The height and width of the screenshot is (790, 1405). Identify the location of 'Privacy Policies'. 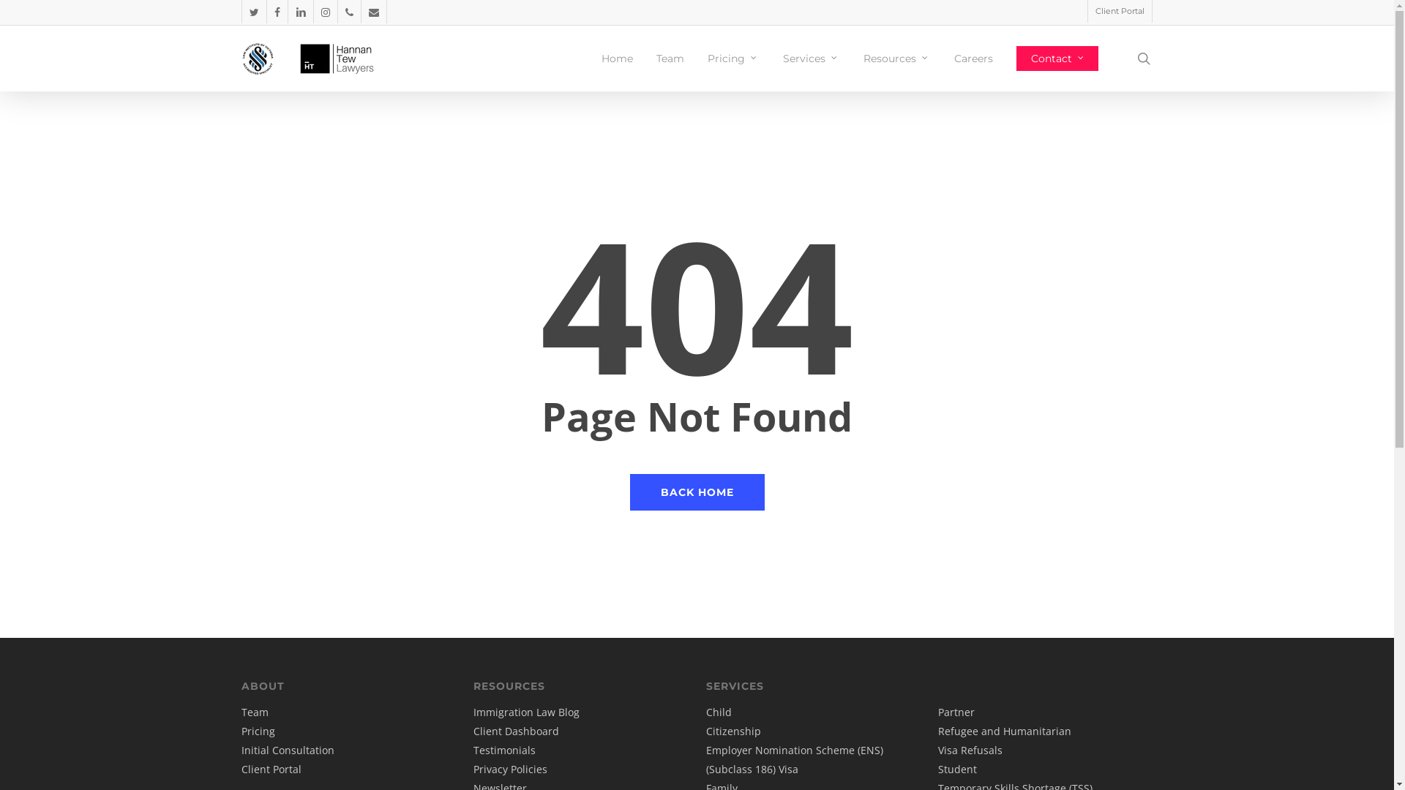
(510, 768).